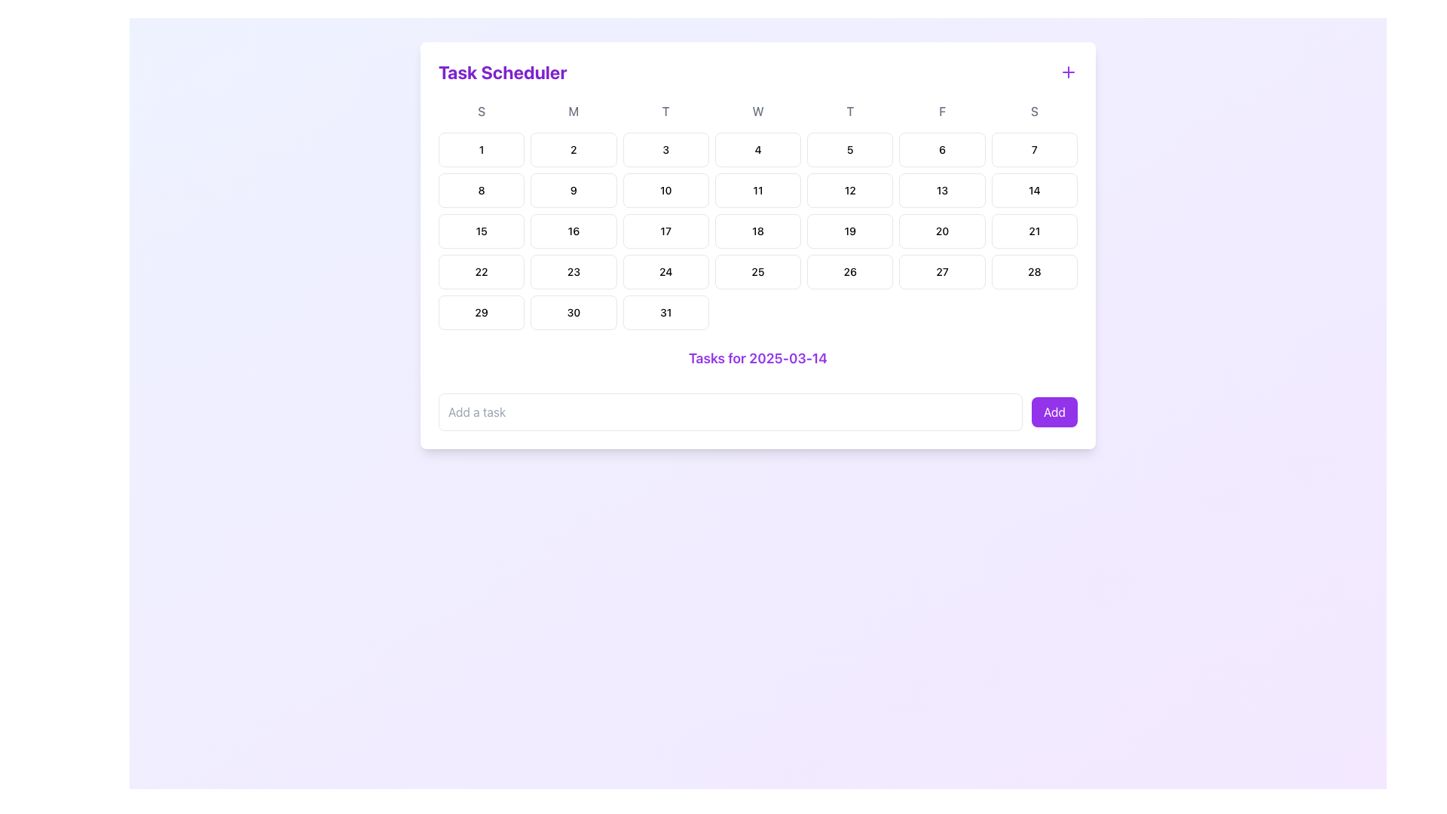  What do you see at coordinates (481, 190) in the screenshot?
I see `the button displaying the number '8', which is a rectangular box with rounded corners, located in the second row and first column of a grid layout` at bounding box center [481, 190].